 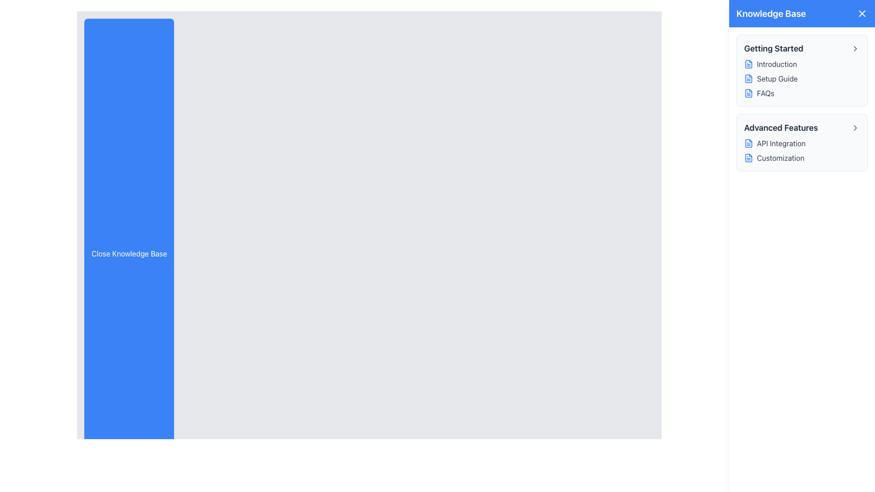 What do you see at coordinates (748, 93) in the screenshot?
I see `the 'FAQs' icon located to the left of the 'FAQs' text in the 'Getting Started' section` at bounding box center [748, 93].